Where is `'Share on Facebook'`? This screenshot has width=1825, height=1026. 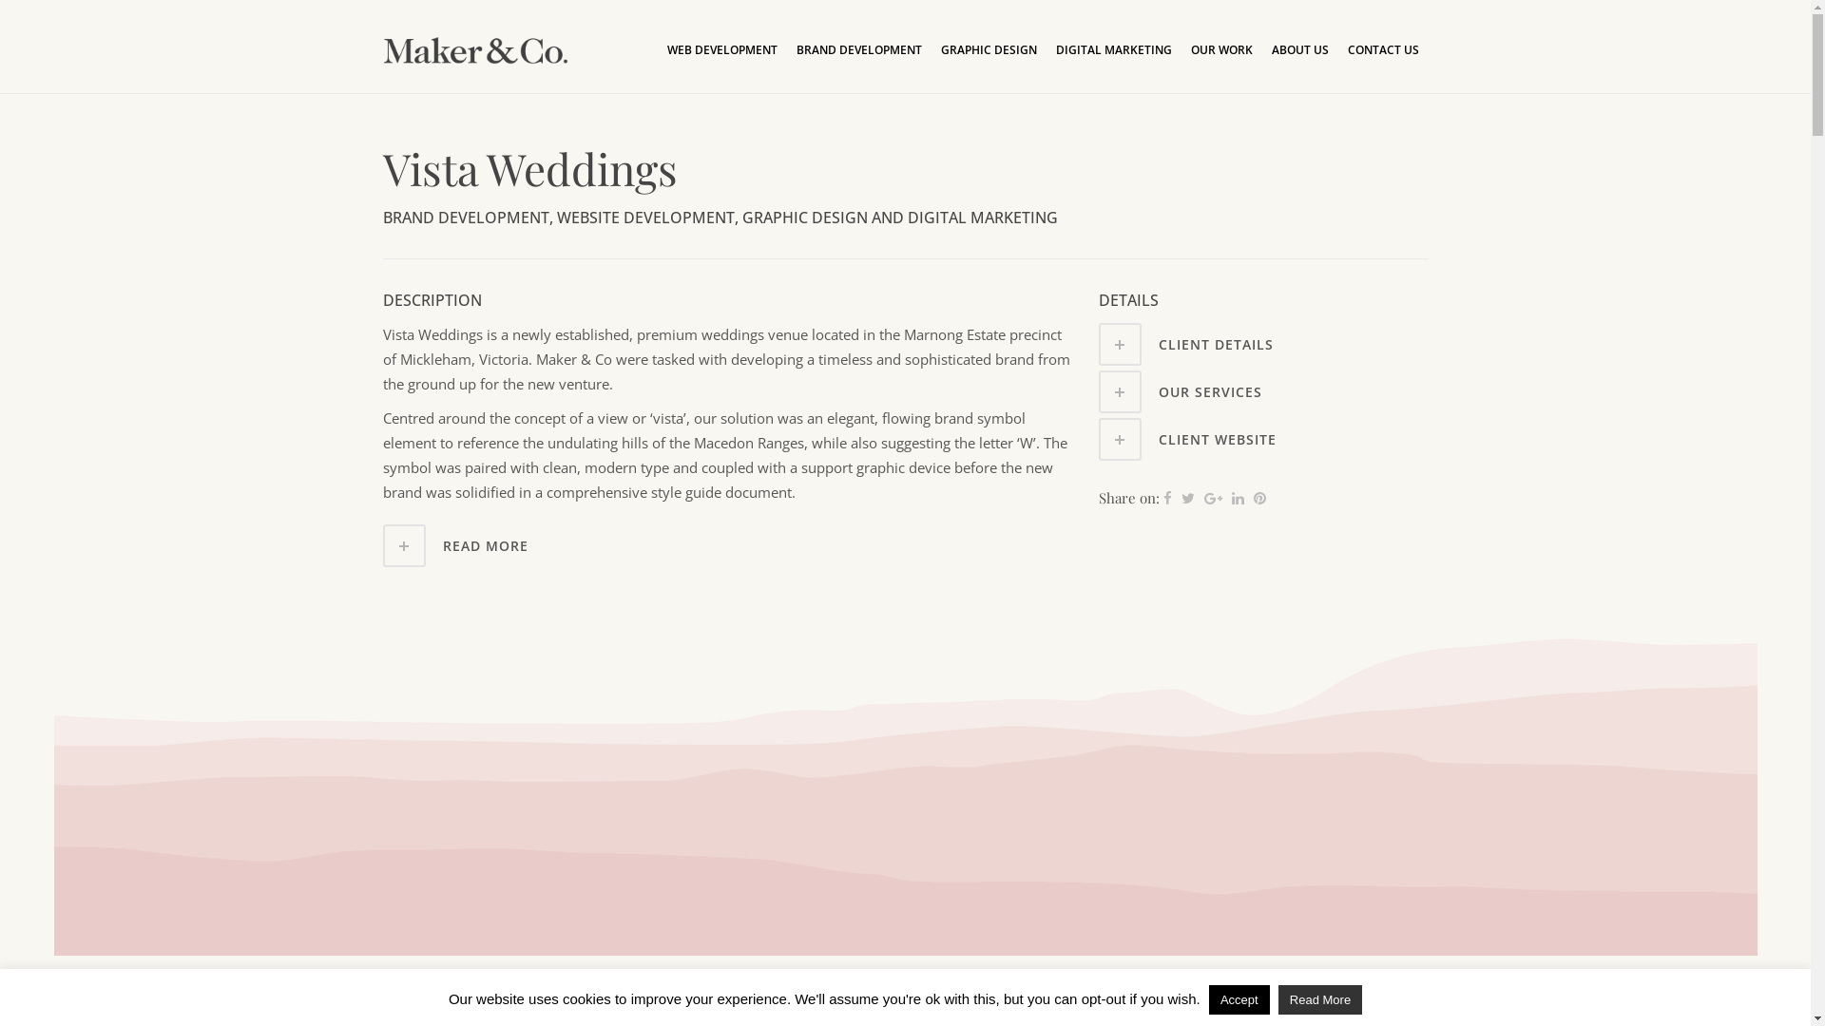
'Share on Facebook' is located at coordinates (1166, 497).